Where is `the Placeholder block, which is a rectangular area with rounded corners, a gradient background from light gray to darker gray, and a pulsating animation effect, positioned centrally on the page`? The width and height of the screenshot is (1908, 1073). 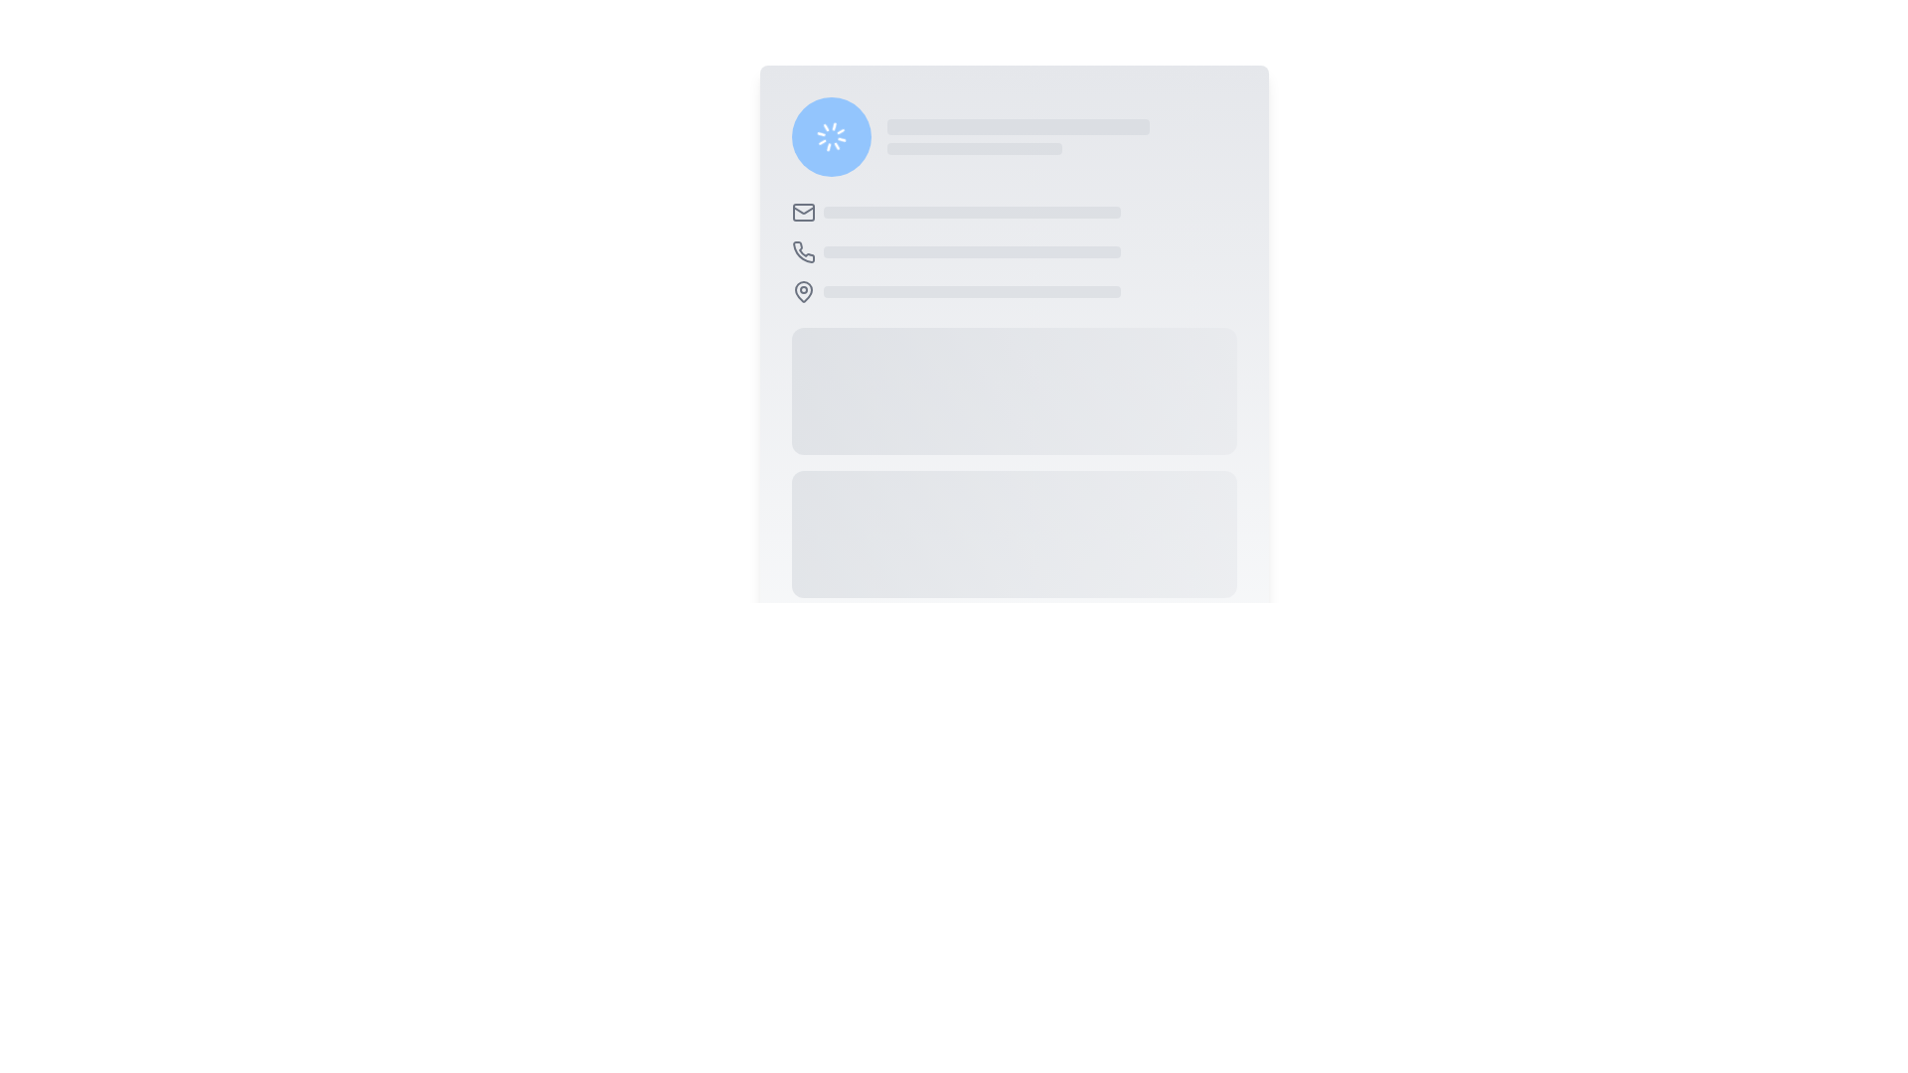 the Placeholder block, which is a rectangular area with rounded corners, a gradient background from light gray to darker gray, and a pulsating animation effect, positioned centrally on the page is located at coordinates (1014, 390).